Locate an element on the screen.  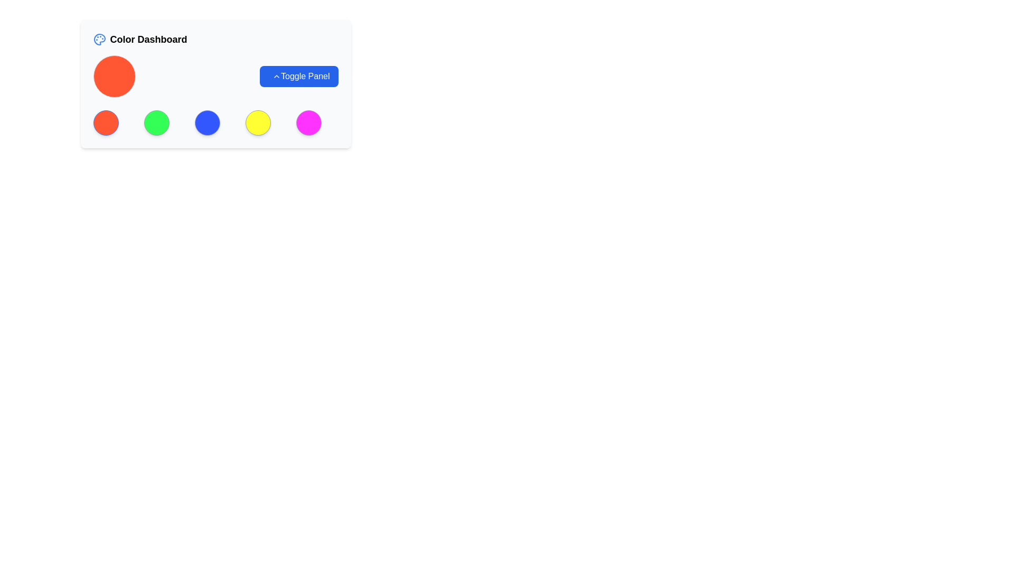
the chevron icon located on the right side of the 'Toggle Panel' button is located at coordinates (276, 76).